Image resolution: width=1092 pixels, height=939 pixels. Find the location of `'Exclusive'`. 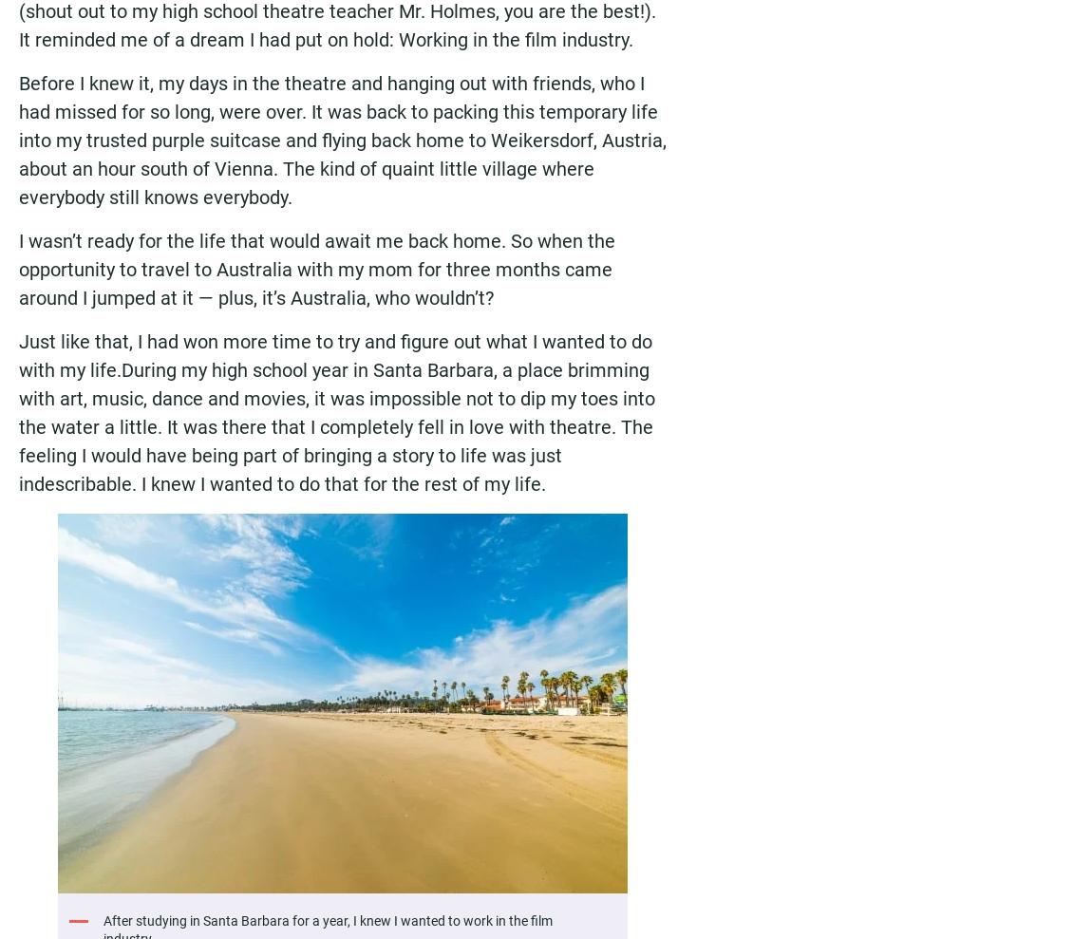

'Exclusive' is located at coordinates (159, 870).